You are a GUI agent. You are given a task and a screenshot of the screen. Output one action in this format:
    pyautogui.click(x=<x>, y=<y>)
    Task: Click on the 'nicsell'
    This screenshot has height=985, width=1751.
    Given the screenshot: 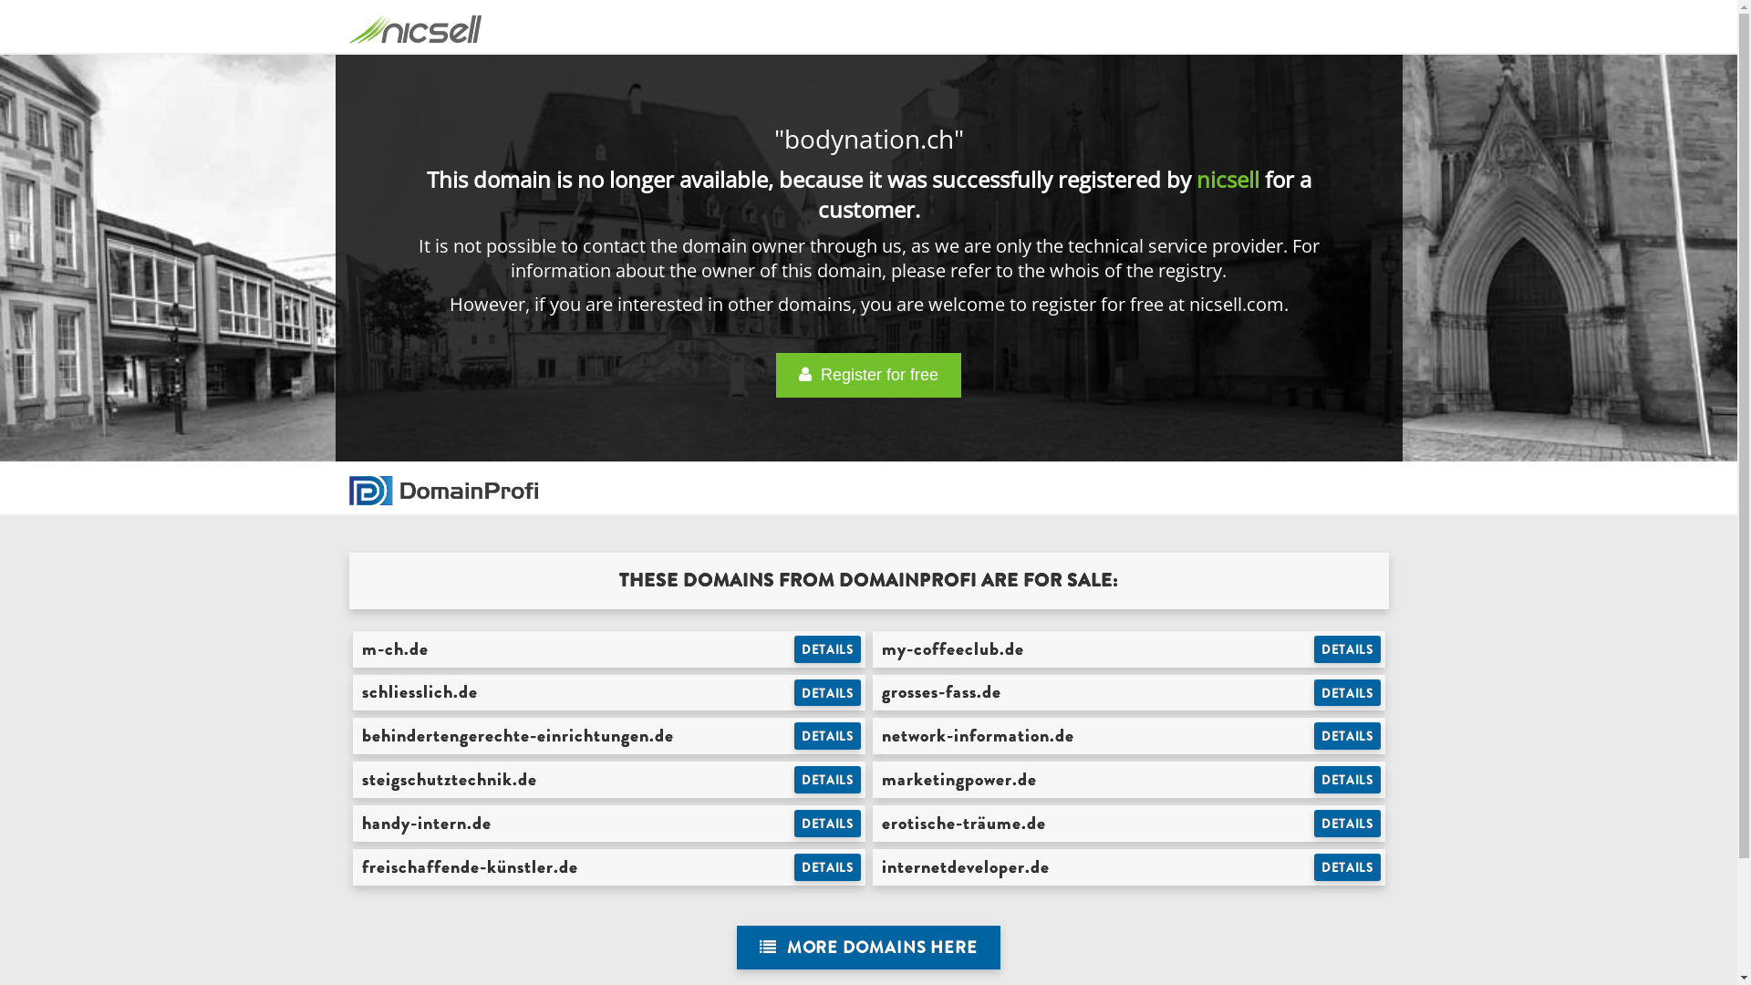 What is the action you would take?
    pyautogui.click(x=1228, y=179)
    